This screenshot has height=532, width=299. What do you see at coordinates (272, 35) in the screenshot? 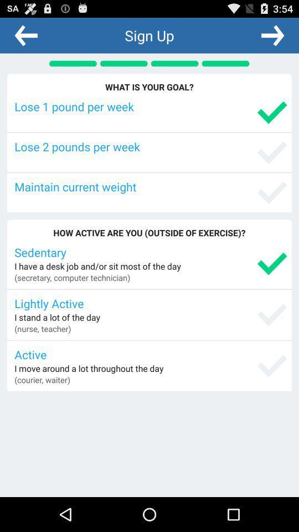
I see `item next to sign up icon` at bounding box center [272, 35].